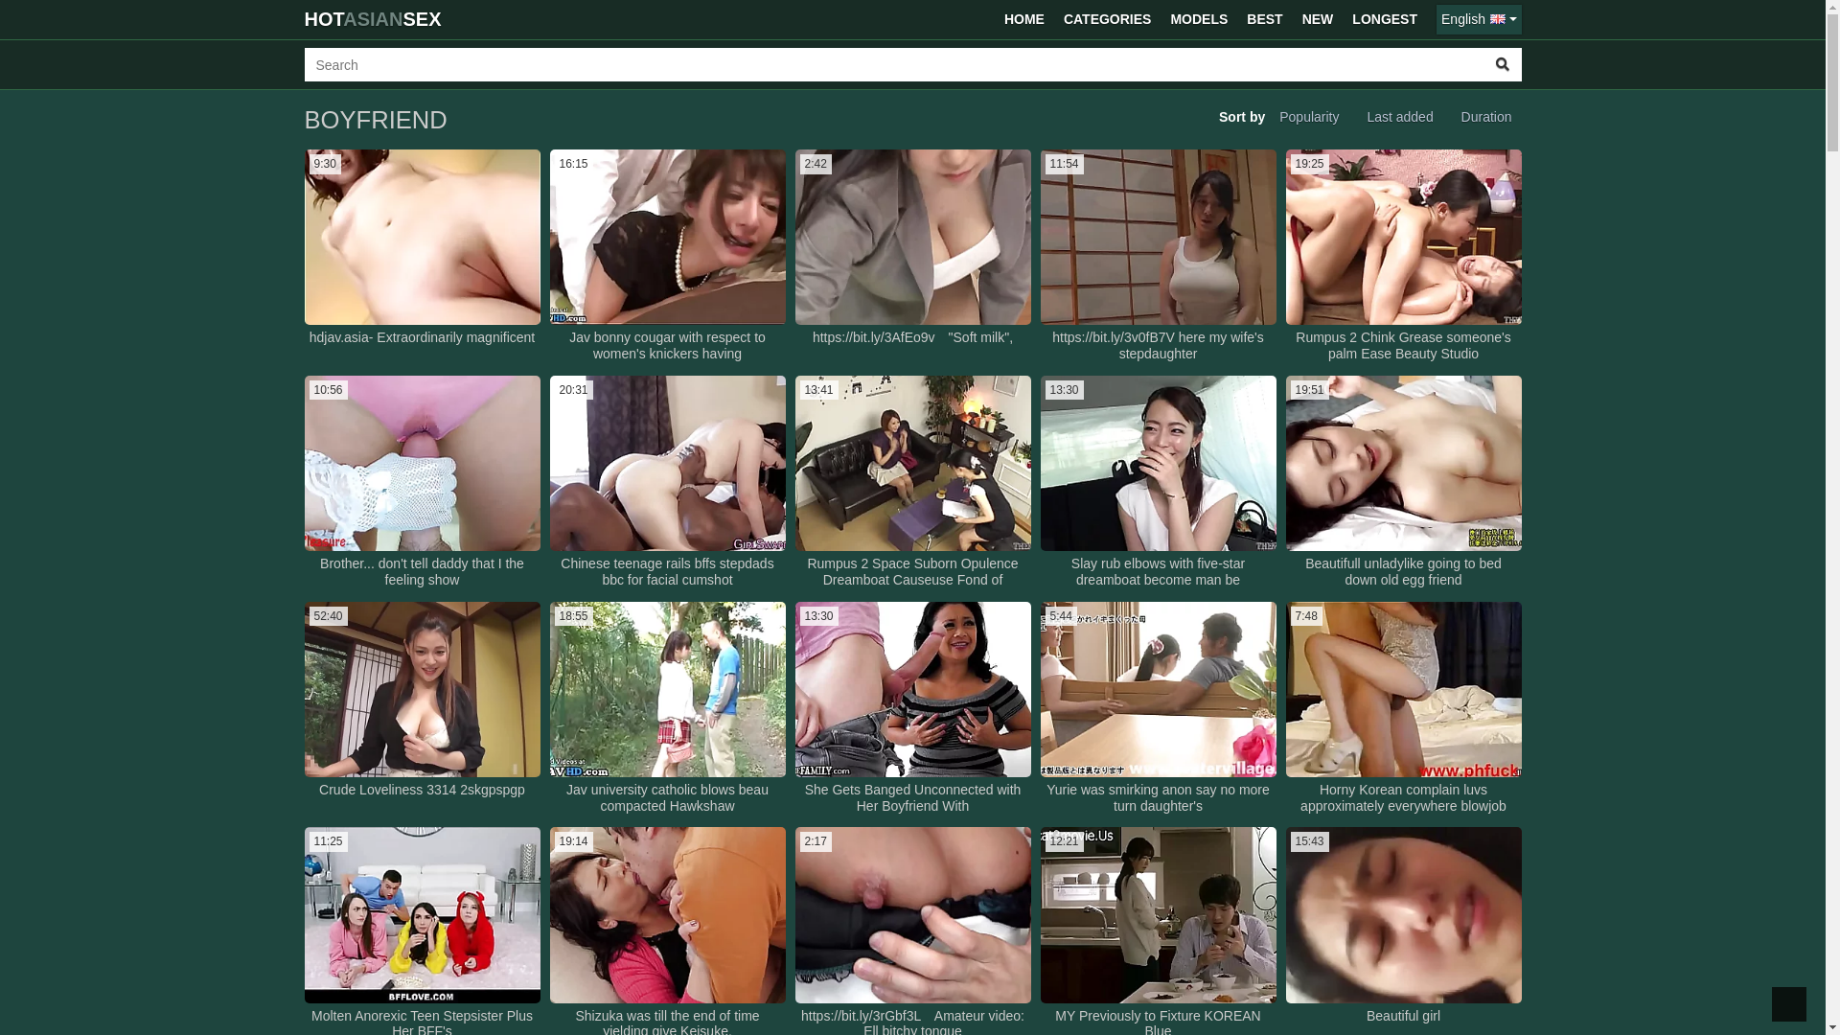  What do you see at coordinates (1161, 19) in the screenshot?
I see `'MODELS'` at bounding box center [1161, 19].